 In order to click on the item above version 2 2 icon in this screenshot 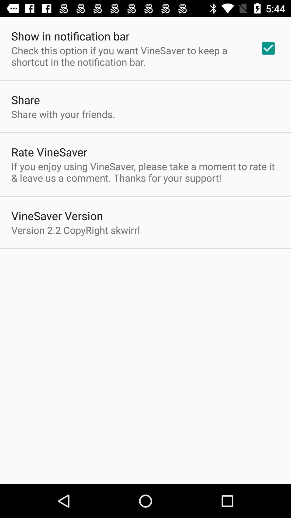, I will do `click(57, 215)`.